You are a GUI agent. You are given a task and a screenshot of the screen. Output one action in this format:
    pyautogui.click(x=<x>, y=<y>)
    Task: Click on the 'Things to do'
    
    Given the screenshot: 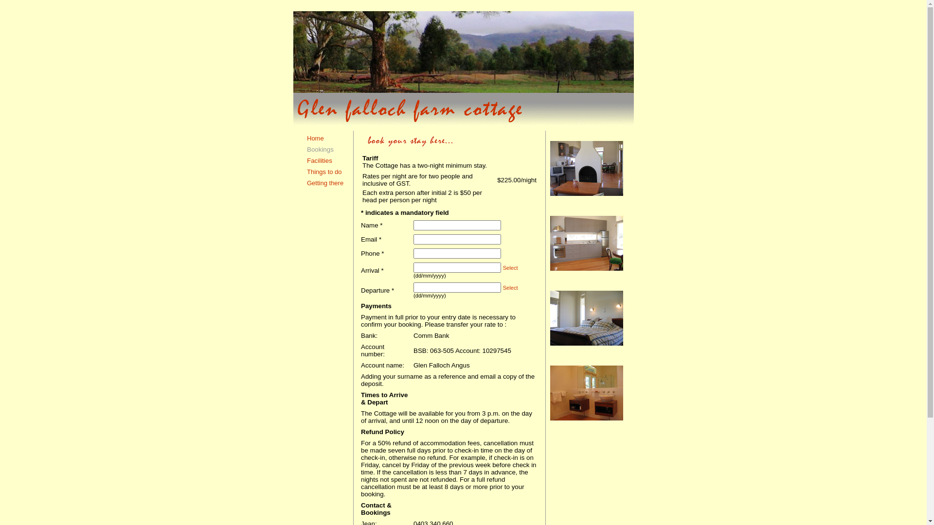 What is the action you would take?
    pyautogui.click(x=324, y=171)
    